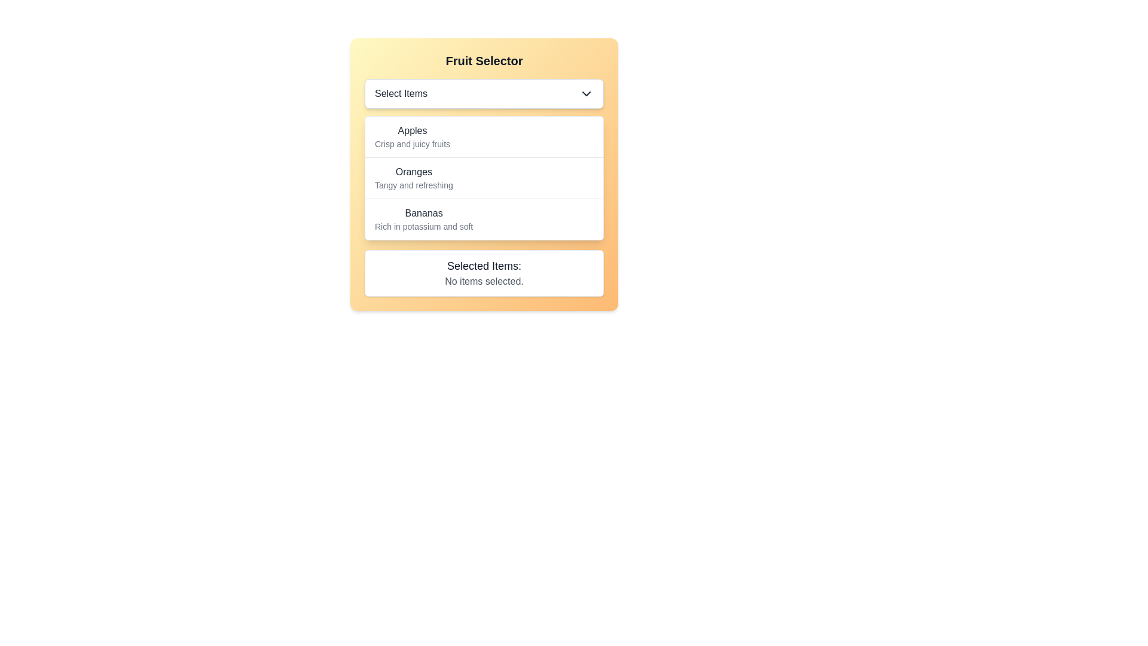  Describe the element at coordinates (414, 185) in the screenshot. I see `the text element displaying 'Tangy and refreshing', which is styled in light gray and positioned below the larger text 'Oranges' in a vertical list of fruits` at that location.